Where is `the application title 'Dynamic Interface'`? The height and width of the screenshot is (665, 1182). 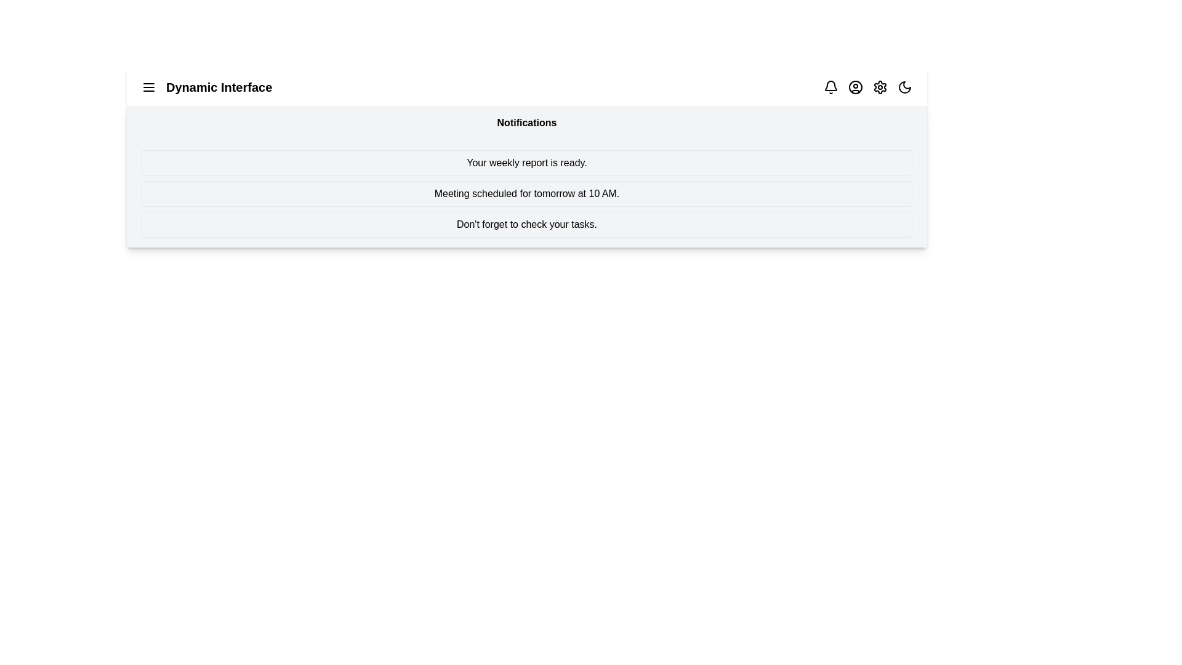 the application title 'Dynamic Interface' is located at coordinates (207, 87).